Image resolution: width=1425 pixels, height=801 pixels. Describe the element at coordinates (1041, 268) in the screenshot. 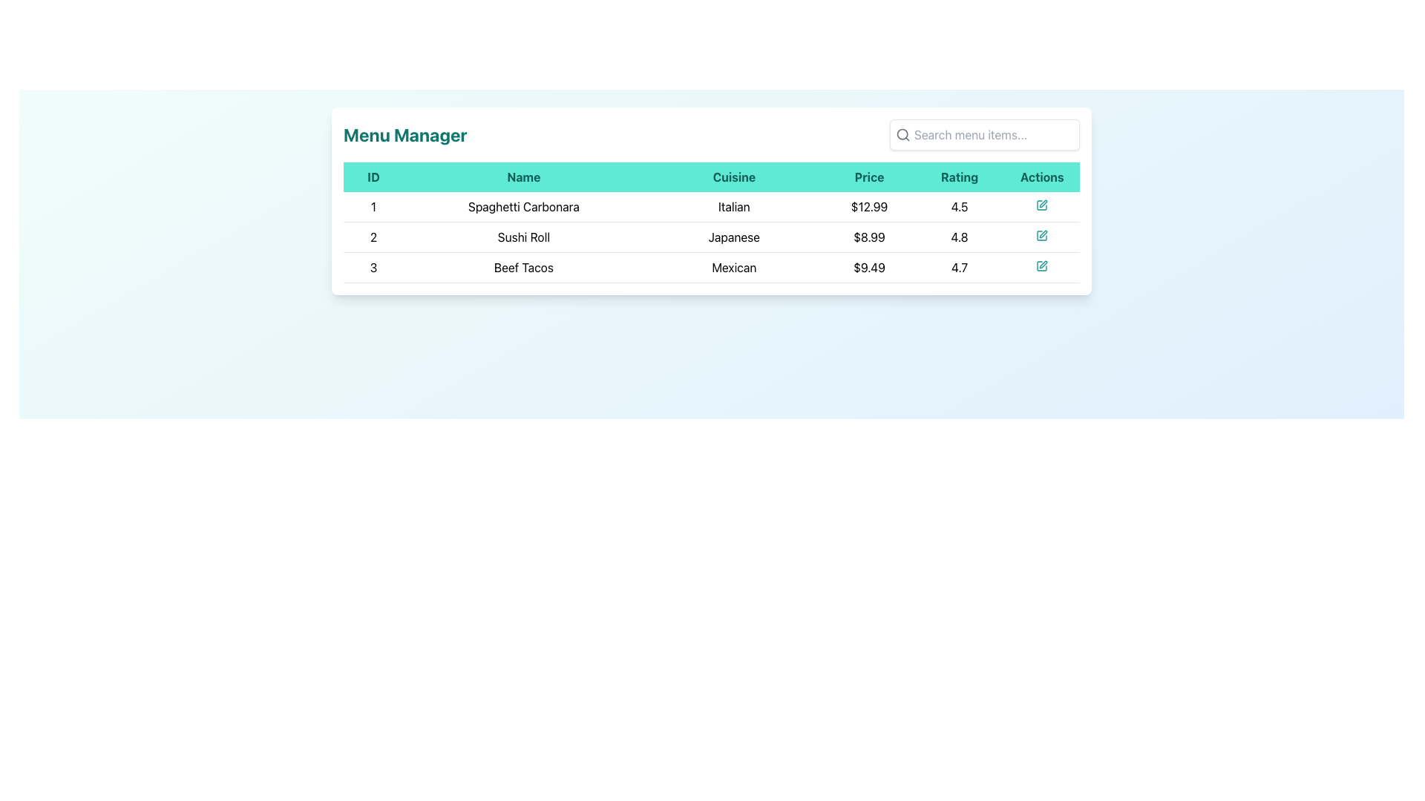

I see `the Edit Icon in the Actions column of the third row` at that location.